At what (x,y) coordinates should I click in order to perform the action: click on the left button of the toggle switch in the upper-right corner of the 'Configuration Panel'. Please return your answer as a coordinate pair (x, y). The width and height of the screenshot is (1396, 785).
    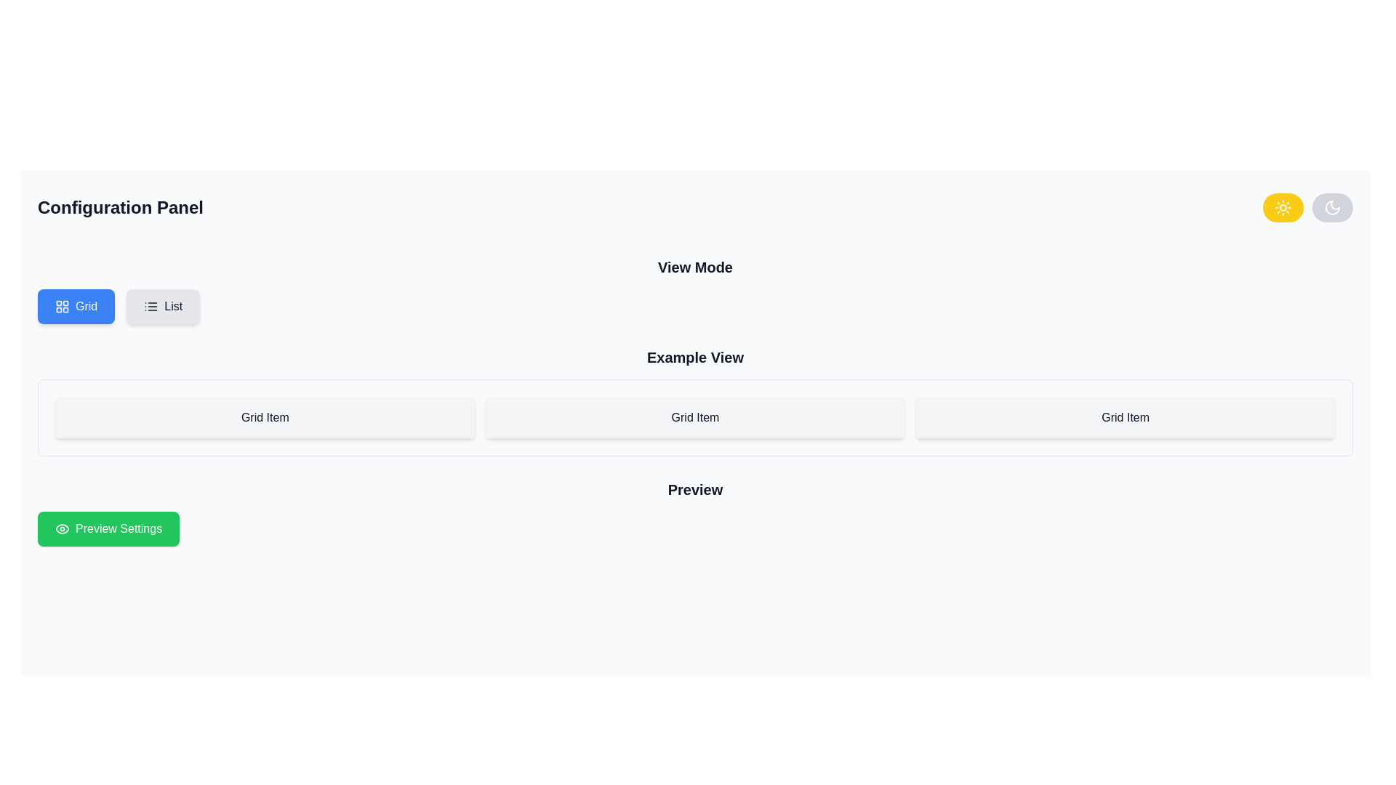
    Looking at the image, I should click on (1308, 207).